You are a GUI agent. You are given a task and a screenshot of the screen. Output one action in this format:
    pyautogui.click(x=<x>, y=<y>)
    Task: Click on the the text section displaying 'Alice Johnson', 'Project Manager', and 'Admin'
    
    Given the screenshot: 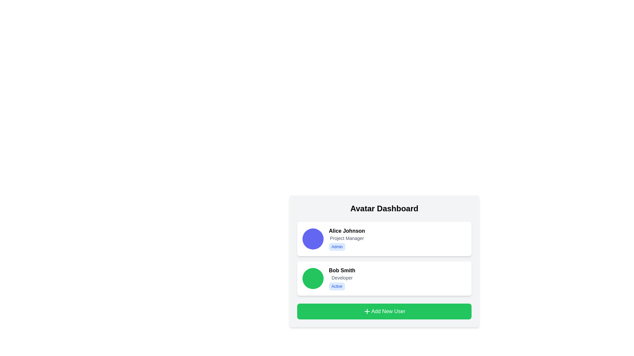 What is the action you would take?
    pyautogui.click(x=346, y=239)
    